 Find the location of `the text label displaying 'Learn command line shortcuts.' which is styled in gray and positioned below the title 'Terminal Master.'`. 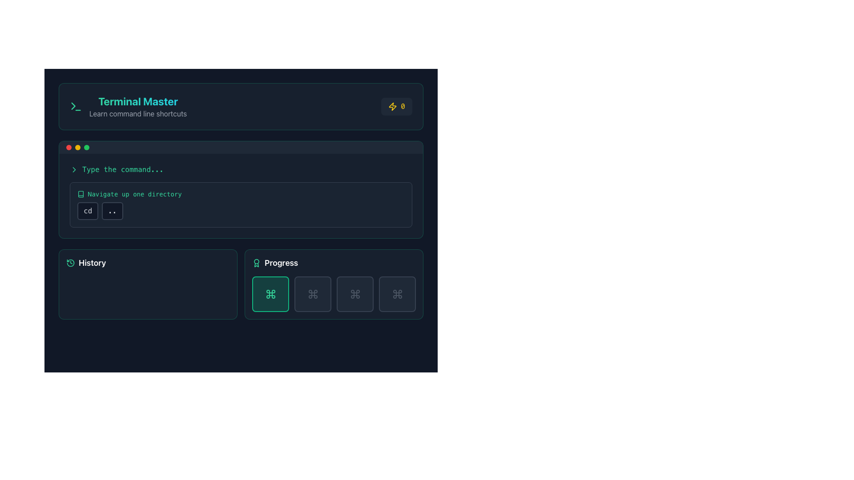

the text label displaying 'Learn command line shortcuts.' which is styled in gray and positioned below the title 'Terminal Master.' is located at coordinates (137, 113).